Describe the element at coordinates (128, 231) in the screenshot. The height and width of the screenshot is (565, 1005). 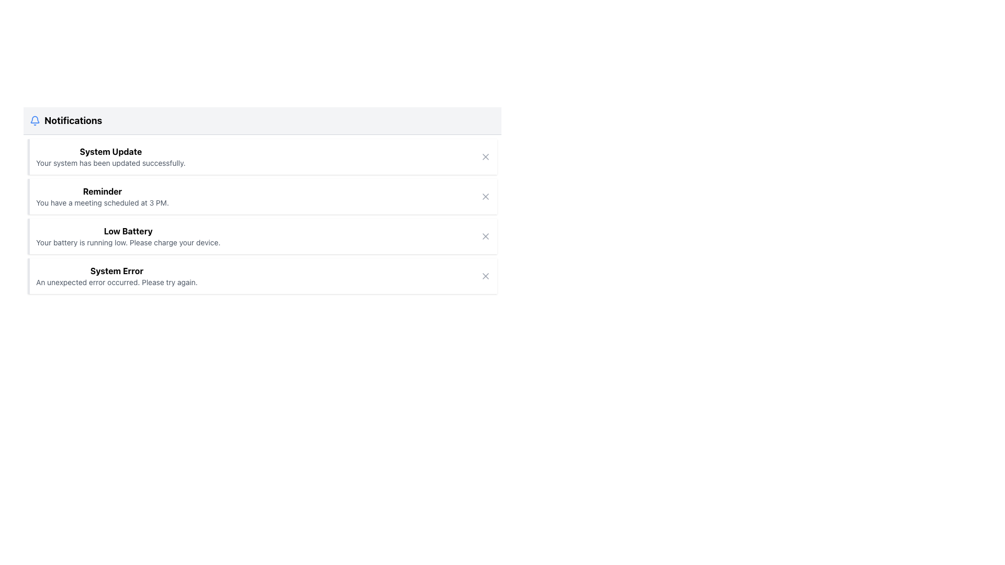
I see `the 'Low Battery' text label which is displayed prominently in bold within a notification card, positioned at the top of the card` at that location.